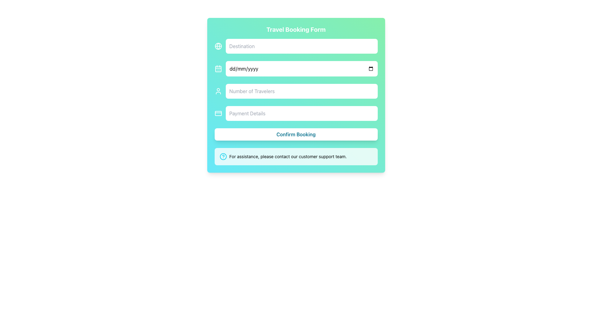  What do you see at coordinates (296, 156) in the screenshot?
I see `the cyan question mark icon in the Informational Banner, which is styled with a small text block that reads 'For assistance, please contact our customer support team.'` at bounding box center [296, 156].